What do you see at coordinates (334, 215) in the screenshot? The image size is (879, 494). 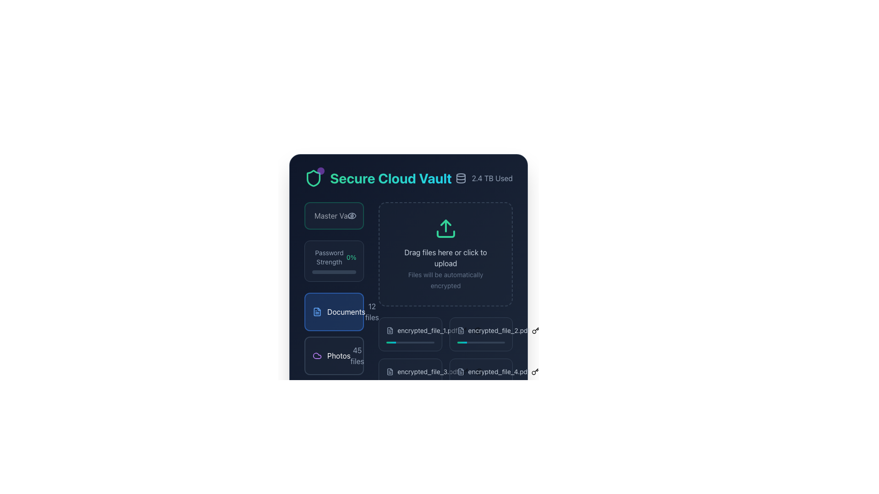 I see `the password input field with visibility toggle icon` at bounding box center [334, 215].